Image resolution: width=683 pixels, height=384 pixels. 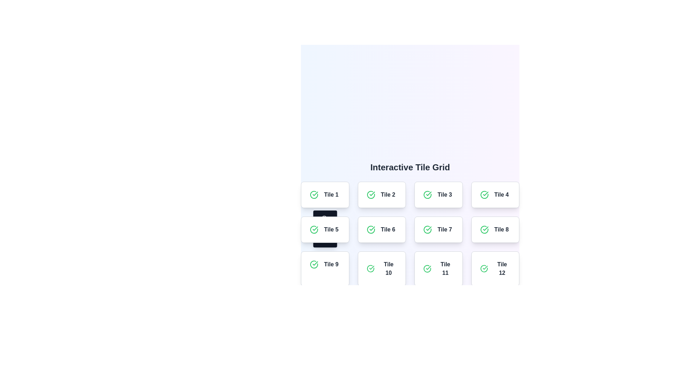 I want to click on the decorative icon indicating the completion or active status of 'Tile 7', which is the first component in the group associated with 'Tile 7', so click(x=427, y=229).